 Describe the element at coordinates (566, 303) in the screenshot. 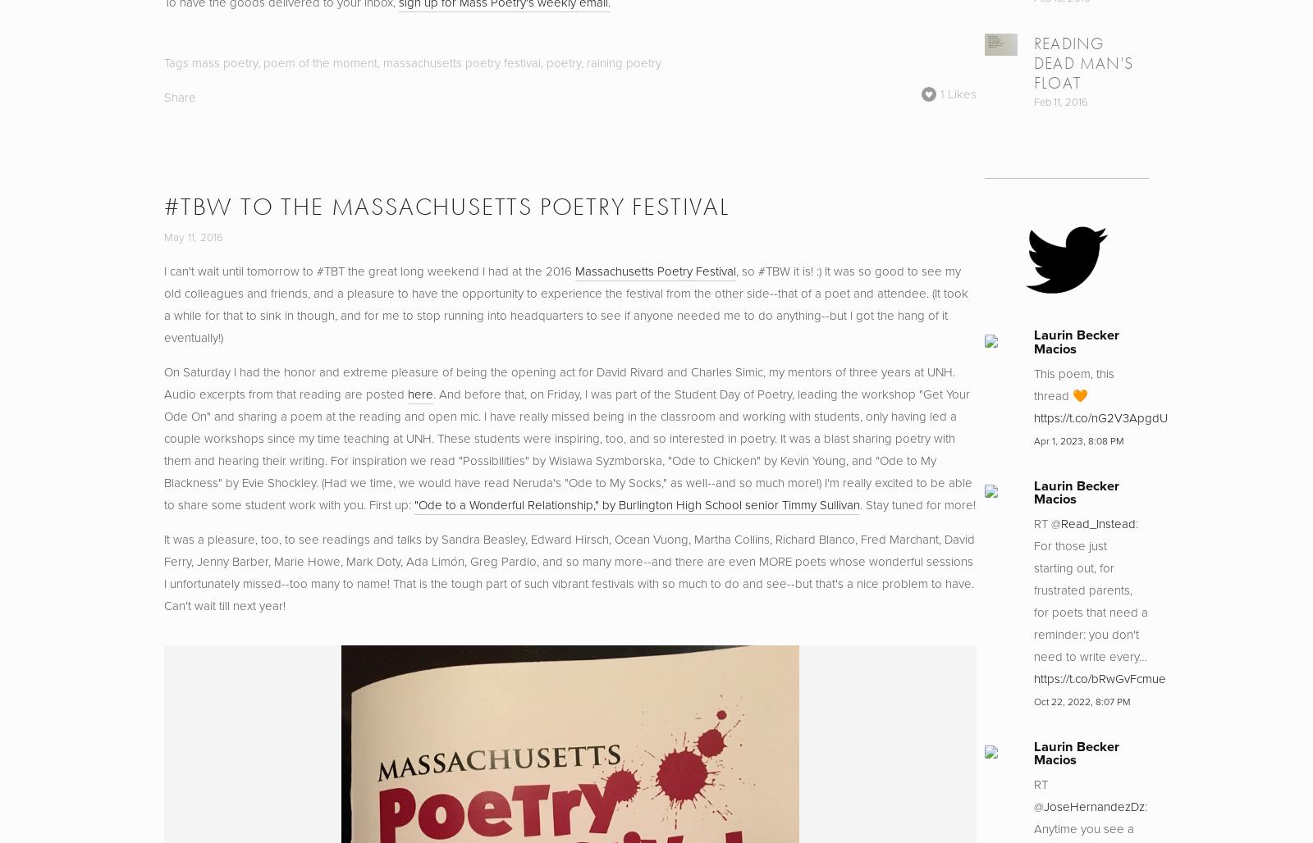

I see `', so #TBW it is! :) It was so good to see my old colleagues and friends, and a pleasure to have the opportunity to experience the festival from the other side--that of a poet and attendee. (It took a while for that to sink in though, and for me to stop running into headquarters to see if anyone needed me to do anything--but I got the hang of it eventually!)'` at that location.